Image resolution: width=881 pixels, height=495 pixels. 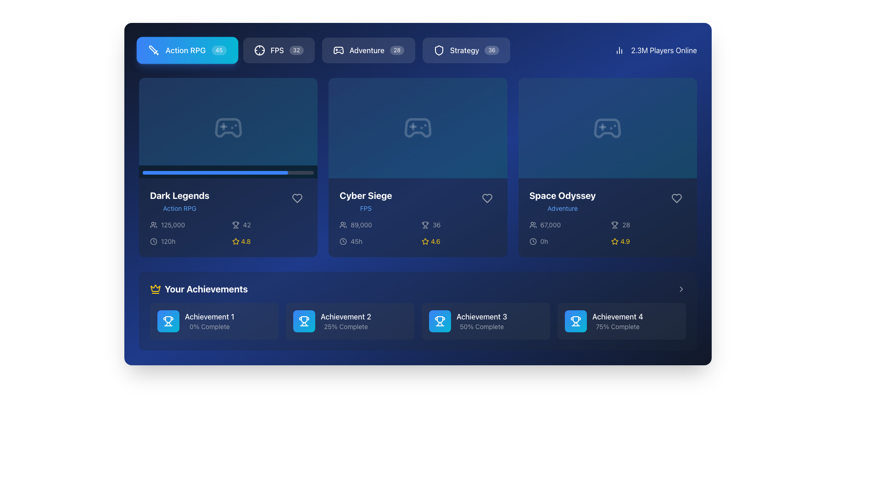 What do you see at coordinates (228, 128) in the screenshot?
I see `the graphical icon representing a game controller located in the first game card titled 'Dark Legends'` at bounding box center [228, 128].